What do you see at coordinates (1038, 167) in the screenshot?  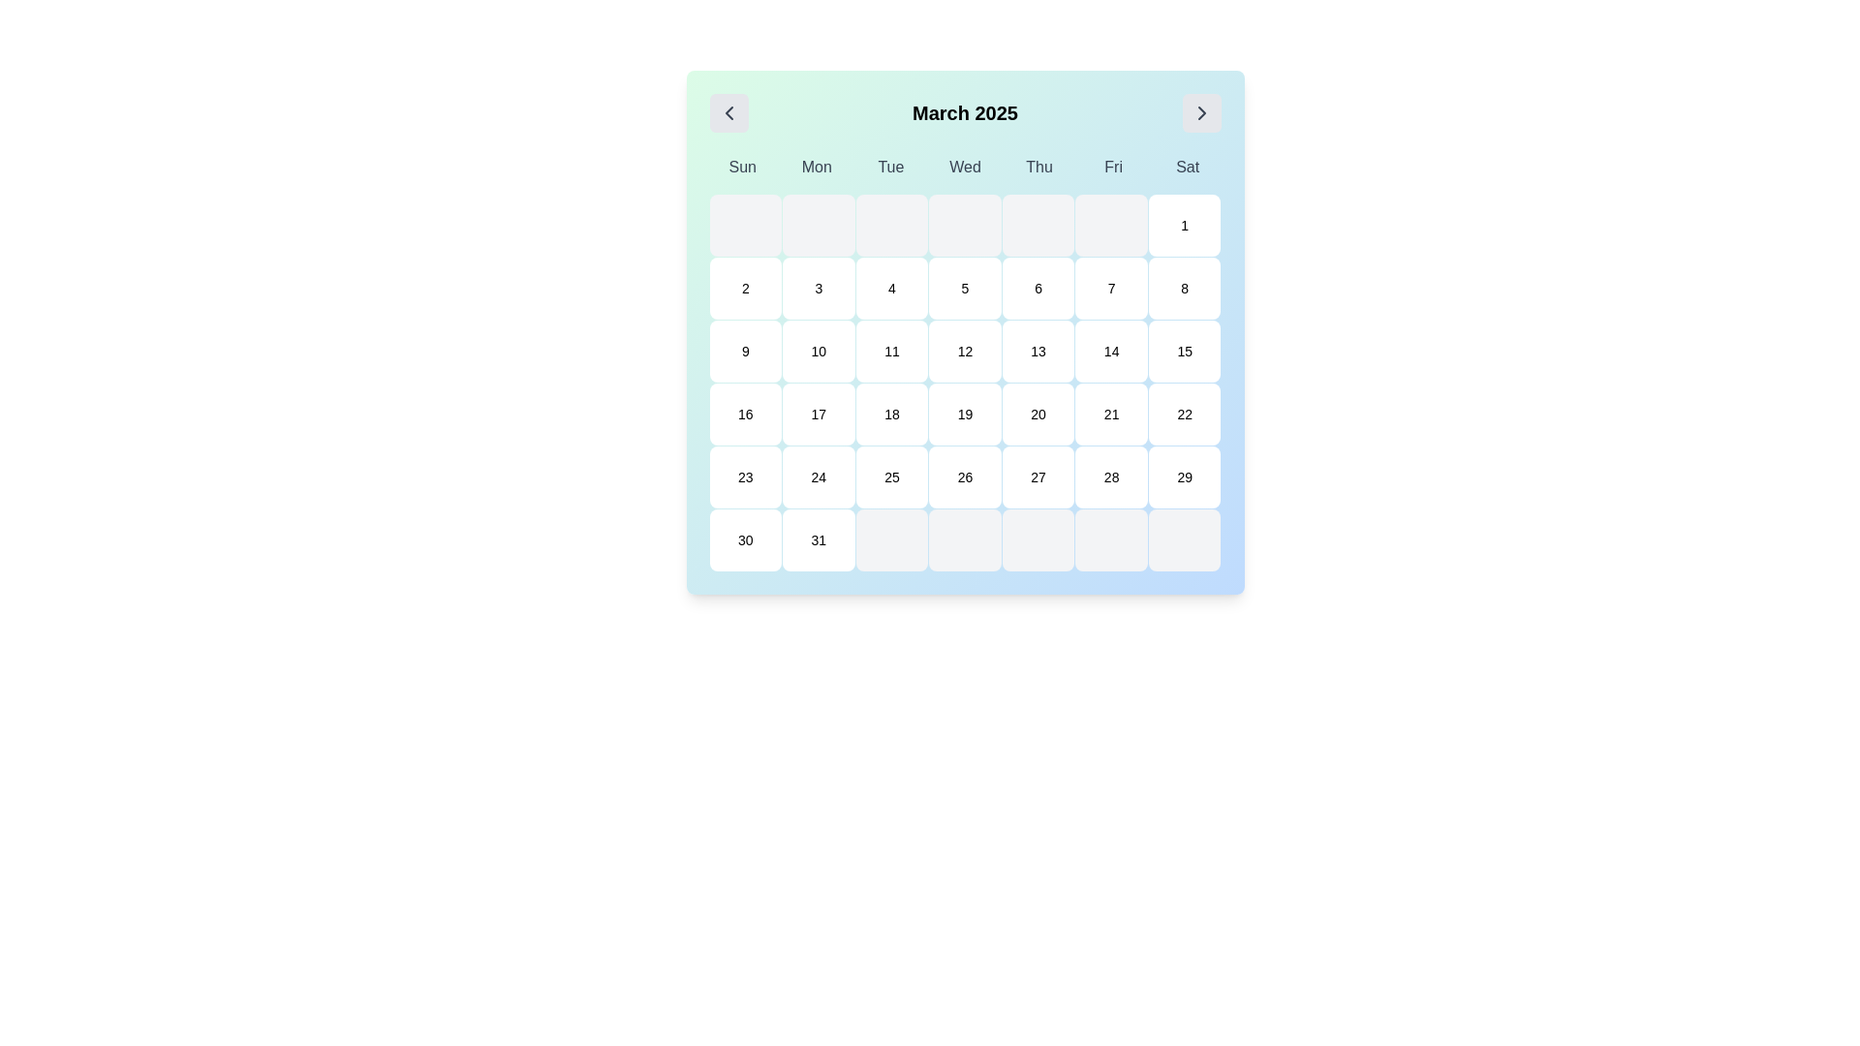 I see `the 'Thu' label, which is the fifth element in a grid of day abbreviations, displayed in bold dark gray text` at bounding box center [1038, 167].